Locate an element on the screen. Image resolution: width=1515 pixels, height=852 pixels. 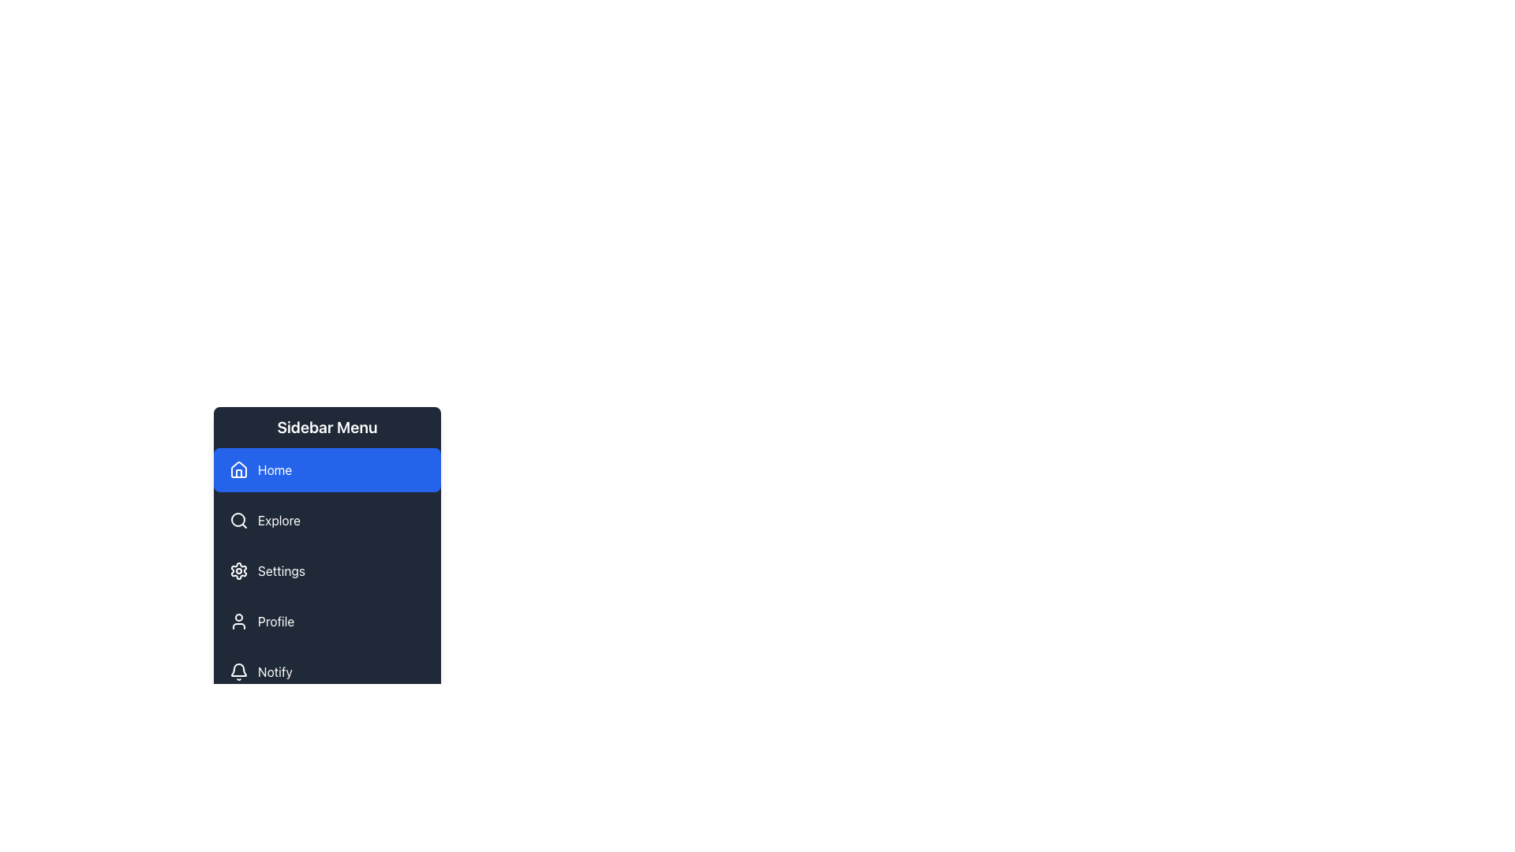
the circular part of the magnifying glass in the search icon located in the sidebar menu is located at coordinates (238, 520).